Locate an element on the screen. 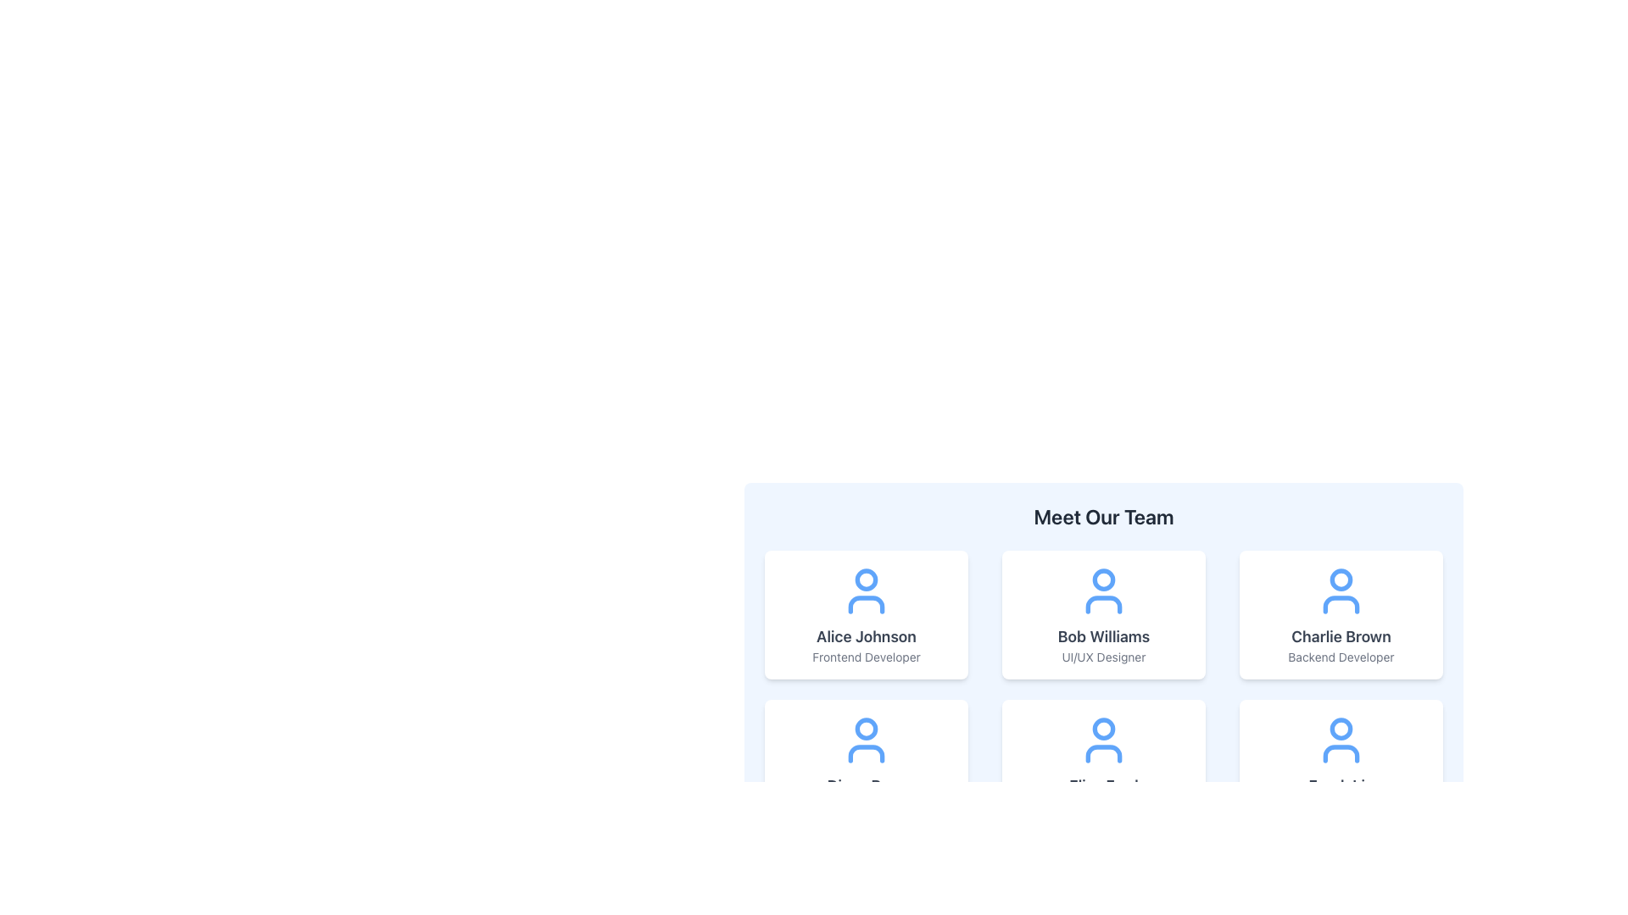 The height and width of the screenshot is (915, 1628). text label 'Backend Developer' located below the name 'Charlie Brown' in the top-right card of the team member grid is located at coordinates (1341, 656).